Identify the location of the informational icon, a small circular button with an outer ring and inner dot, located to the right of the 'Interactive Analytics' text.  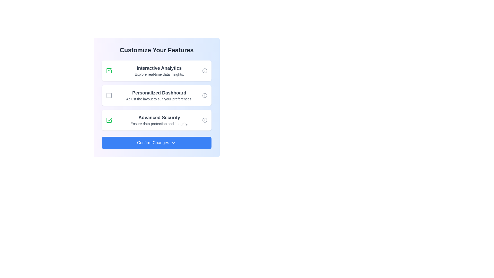
(205, 71).